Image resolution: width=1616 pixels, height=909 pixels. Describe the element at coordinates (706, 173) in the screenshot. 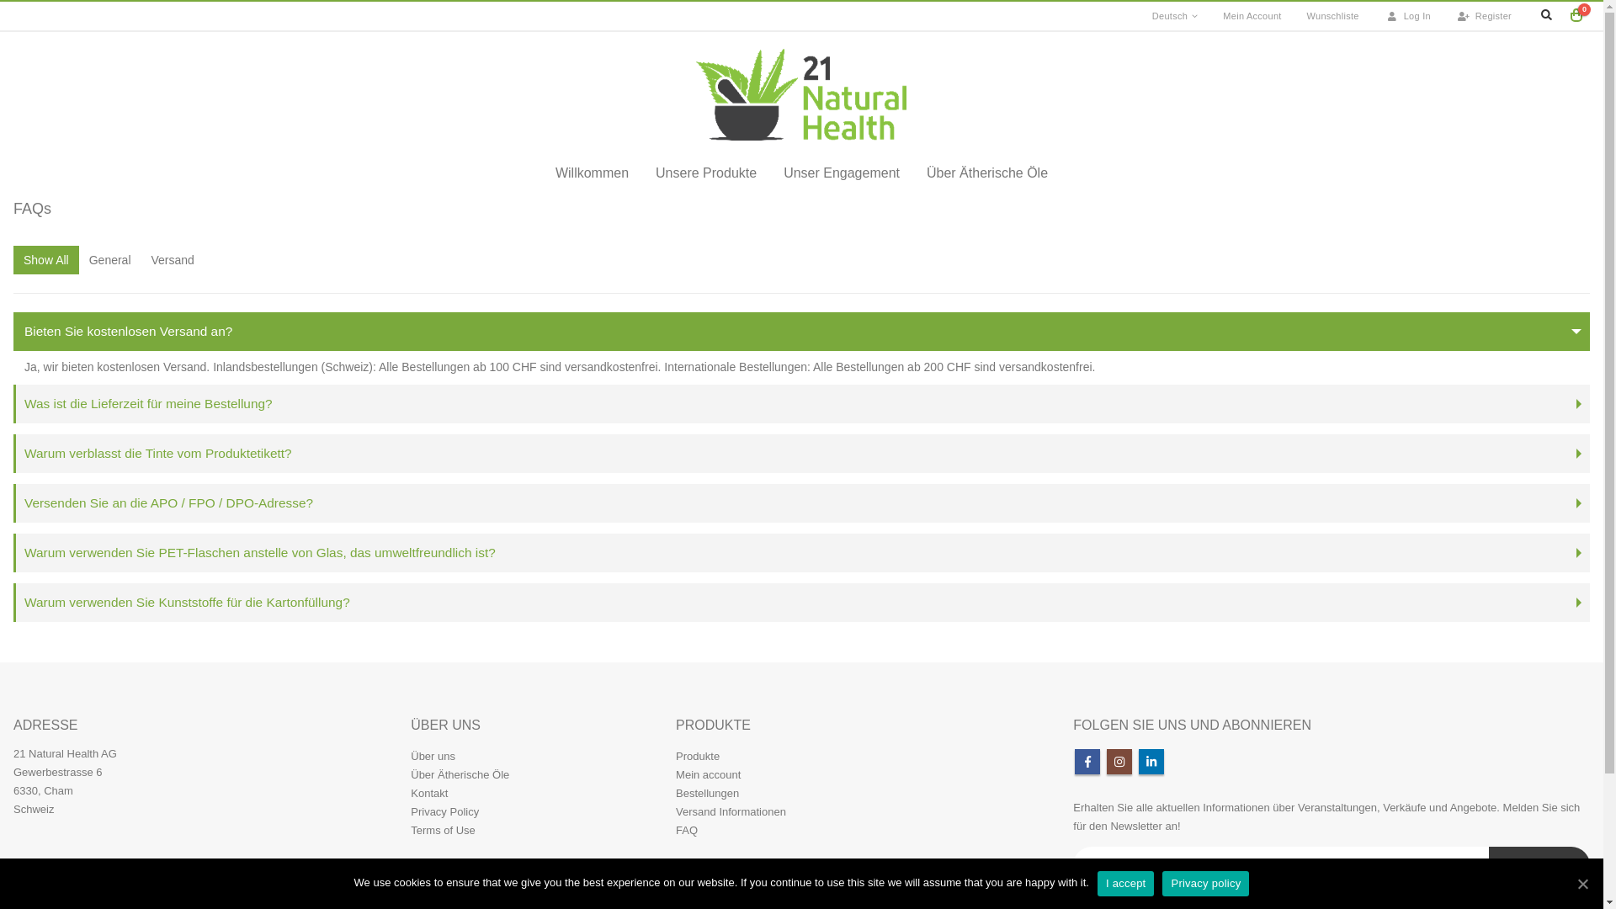

I see `'Unsere Produkte'` at that location.